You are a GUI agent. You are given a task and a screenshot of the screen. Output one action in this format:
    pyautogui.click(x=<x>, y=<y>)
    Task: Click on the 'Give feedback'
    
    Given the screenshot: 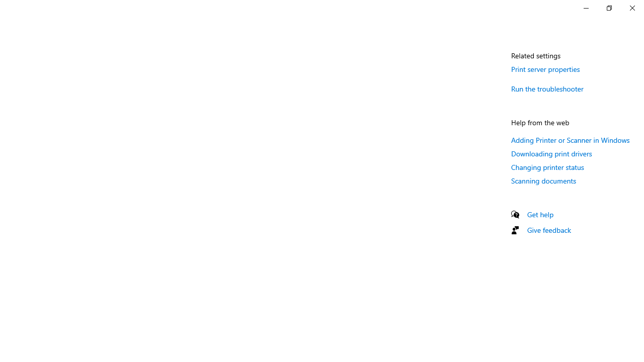 What is the action you would take?
    pyautogui.click(x=548, y=230)
    